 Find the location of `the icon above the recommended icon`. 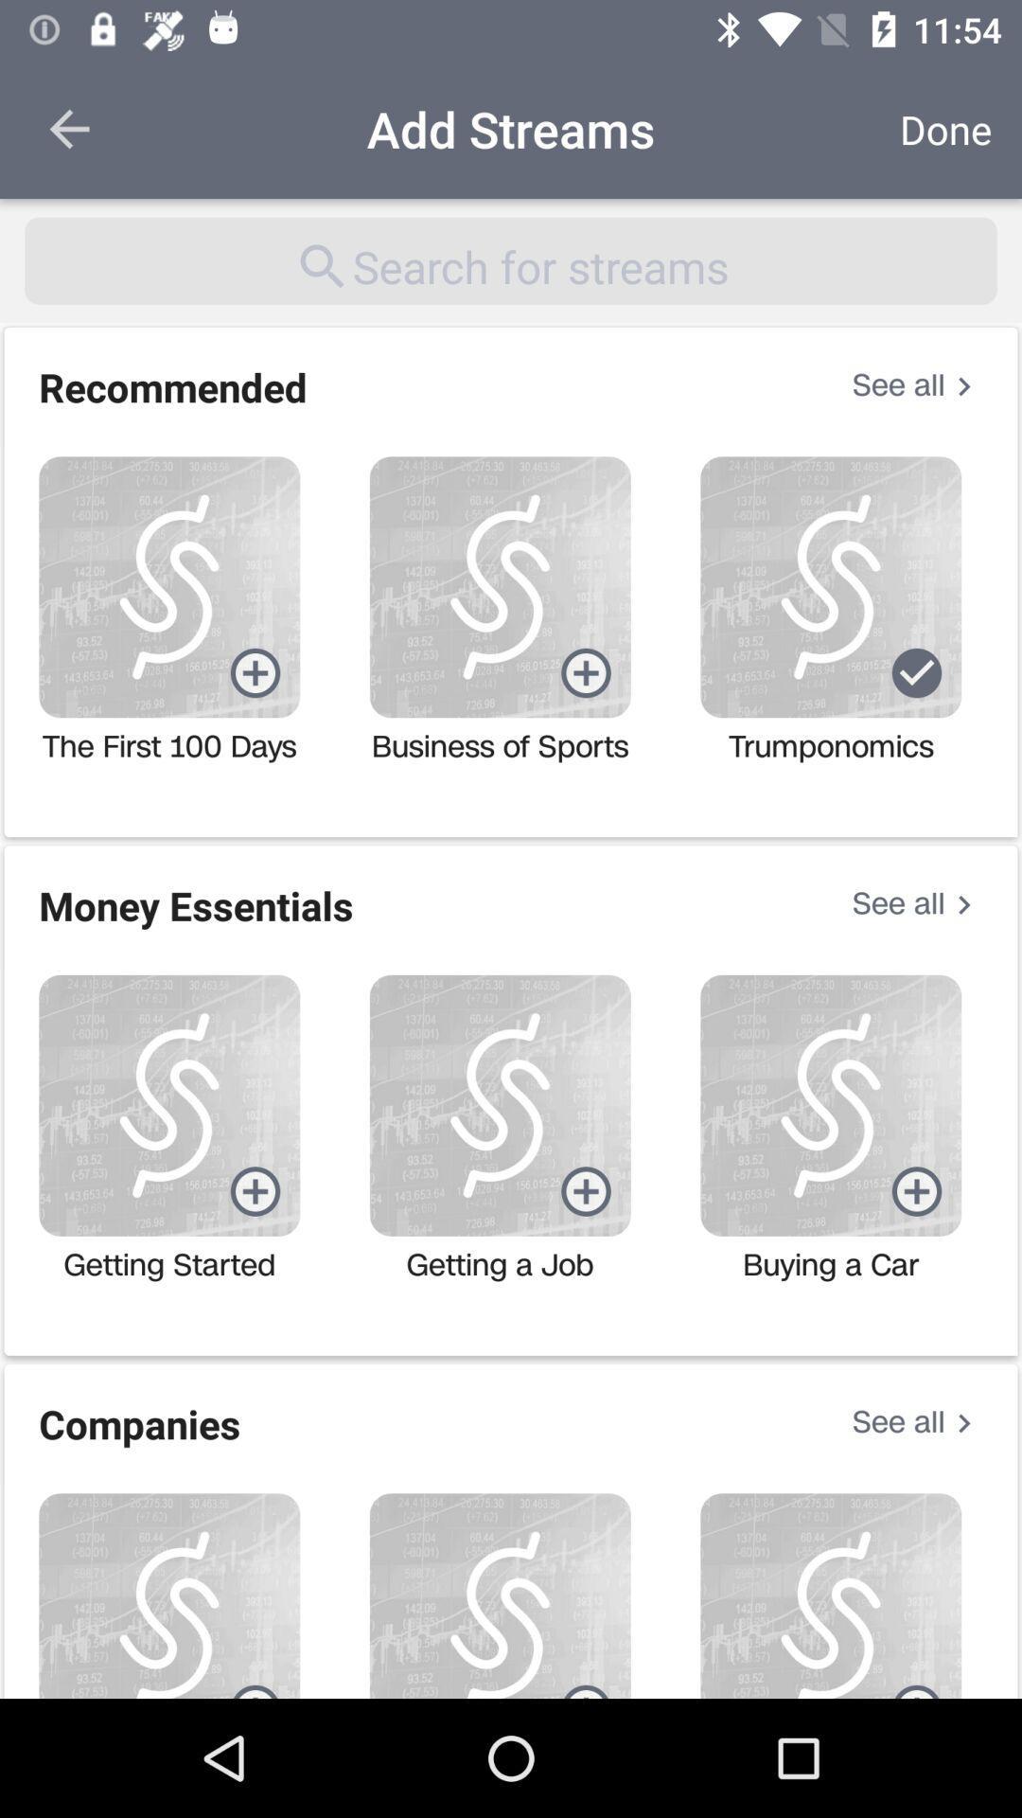

the icon above the recommended icon is located at coordinates (511, 259).